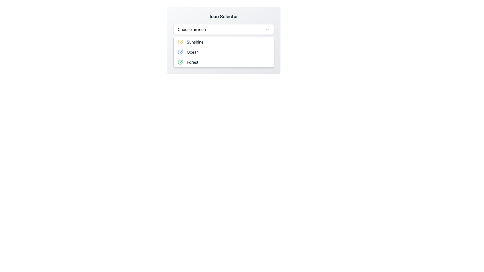  Describe the element at coordinates (180, 42) in the screenshot. I see `the circular checkmark icon with a yellow accent color` at that location.